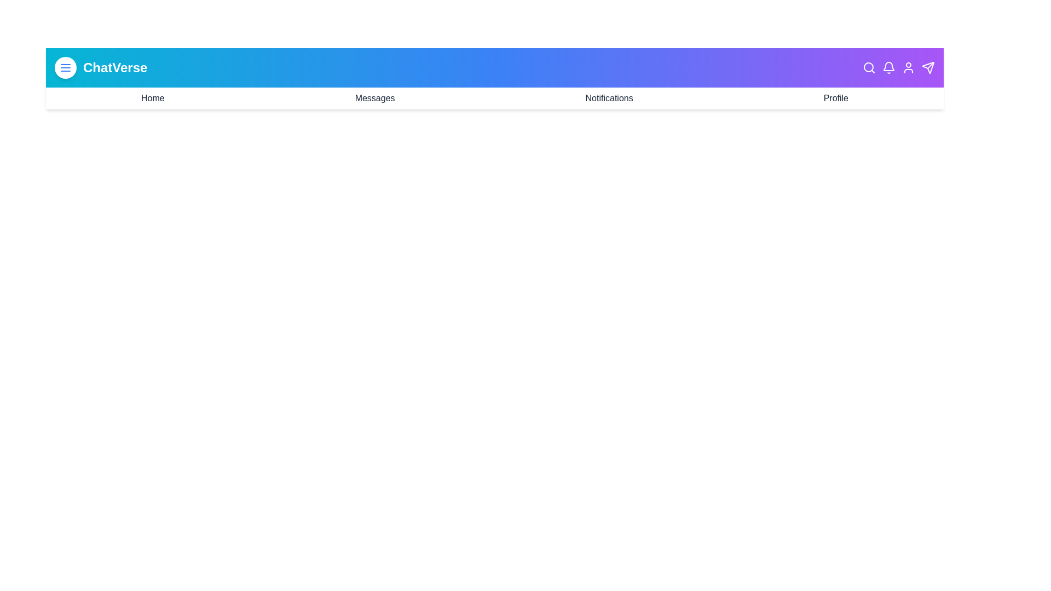 This screenshot has width=1051, height=591. Describe the element at coordinates (115, 67) in the screenshot. I see `the text element 'ChatVerse' in the app bar` at that location.